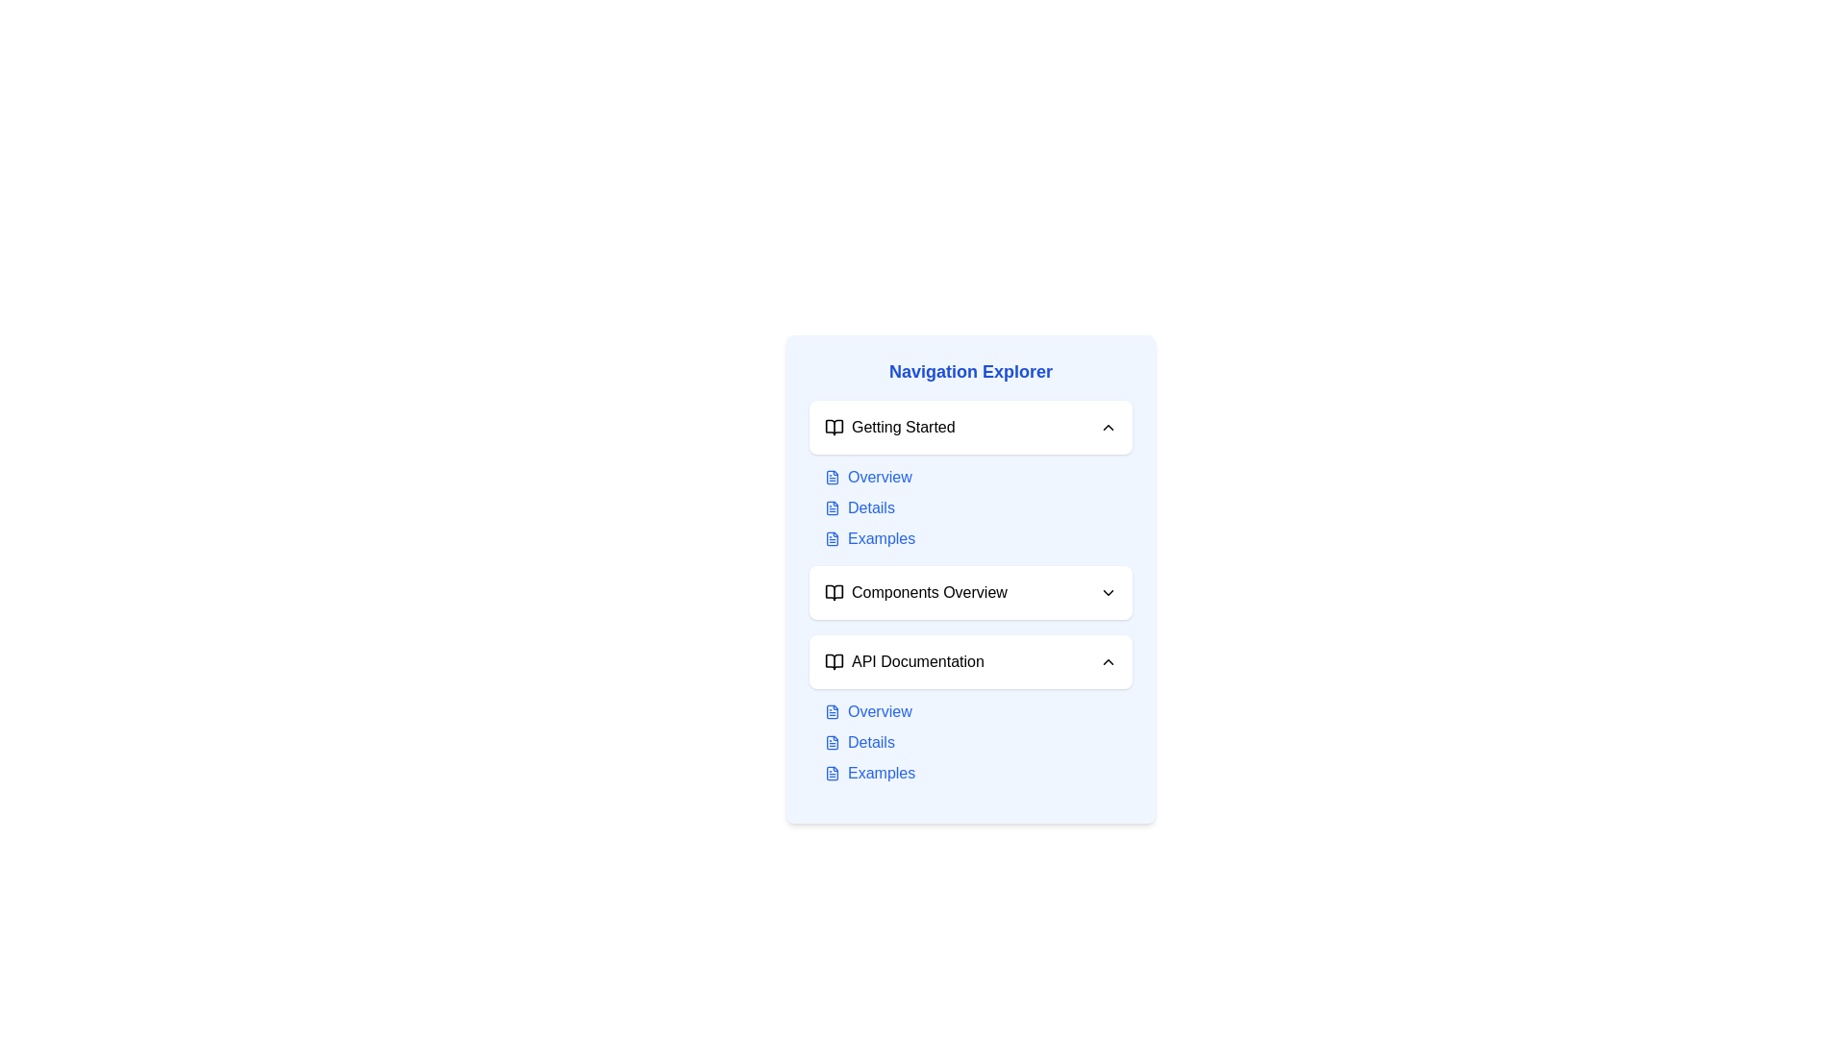  Describe the element at coordinates (1108, 592) in the screenshot. I see `the downward-pointing chevron icon of the Dropdown toggle located at the right end of the 'Components Overview' section` at that location.